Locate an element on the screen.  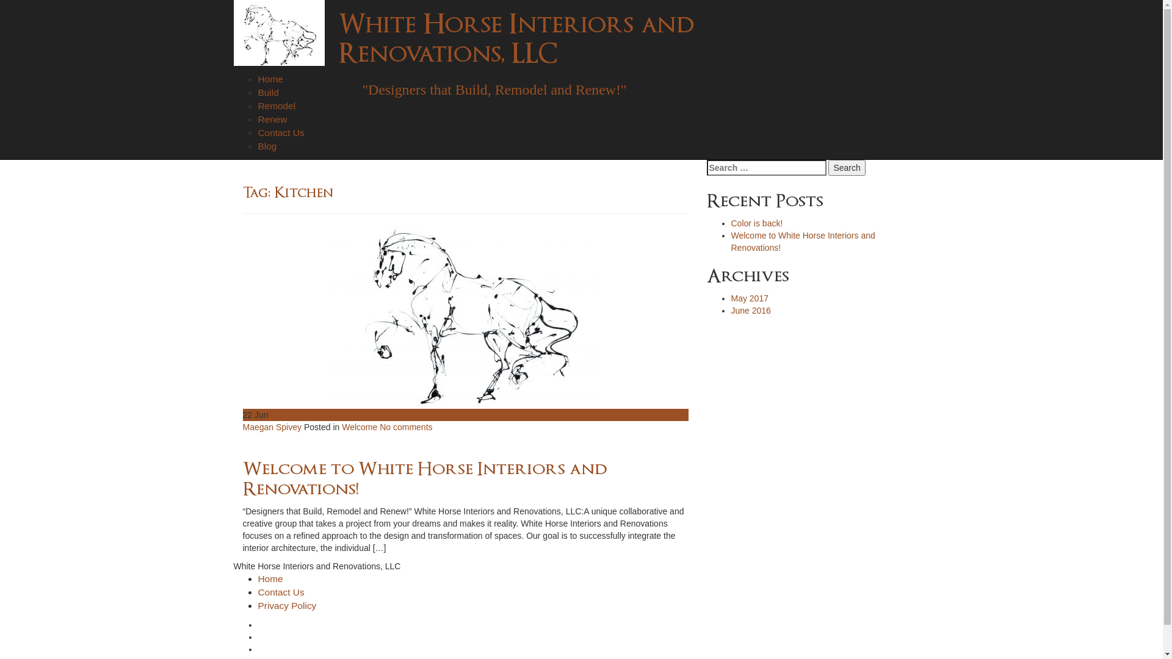
'No comments' is located at coordinates (406, 426).